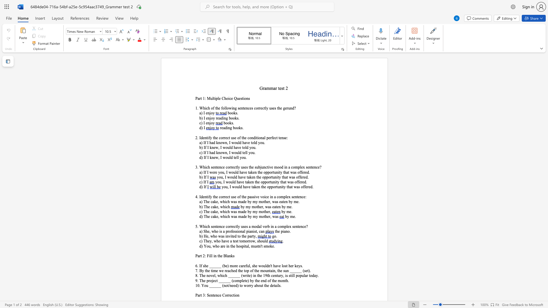  I want to click on the space between the continuous character "b" and ")" in the text, so click(201, 147).